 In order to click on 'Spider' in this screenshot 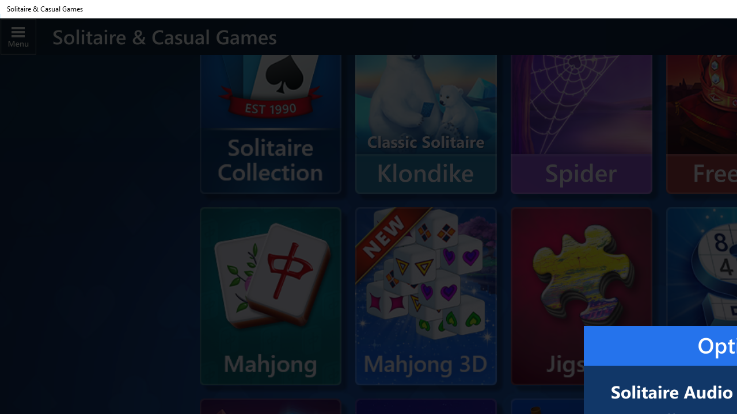, I will do `click(581, 105)`.